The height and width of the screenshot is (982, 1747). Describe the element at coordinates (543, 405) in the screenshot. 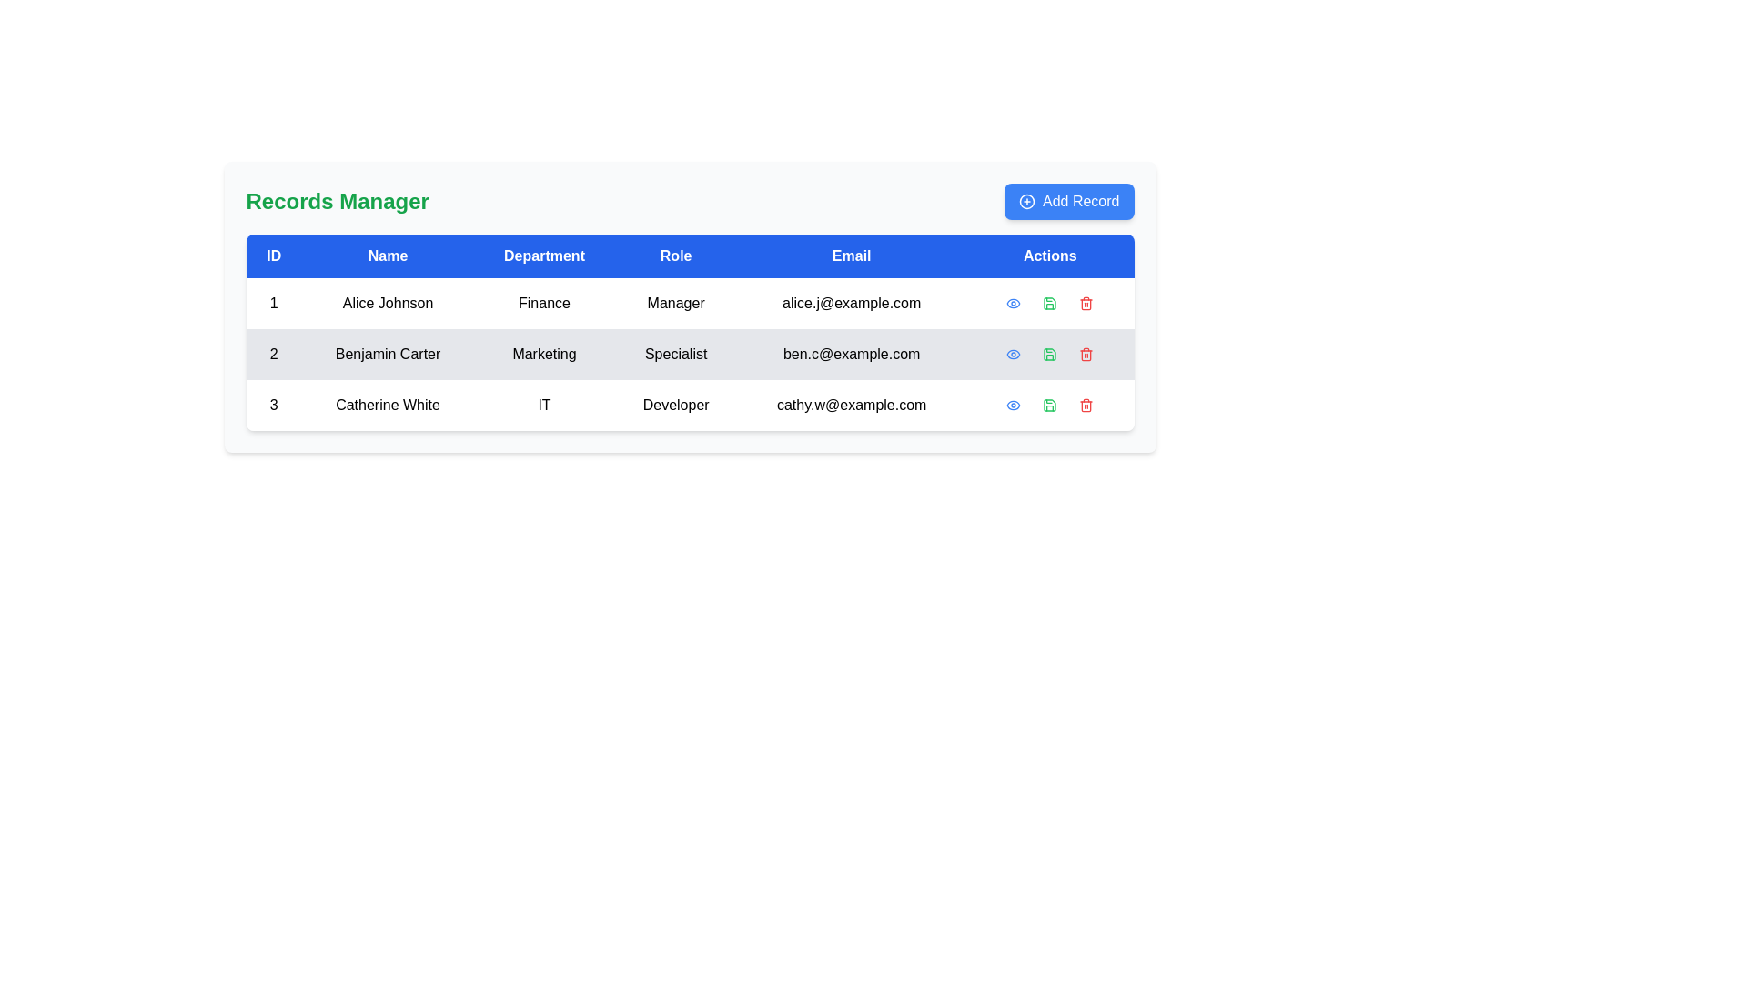

I see `the table cell containing the text 'IT', which is styled with 'px-4 py-3' and located in the third row and third column of the table, following 'Catherine White' and preceding 'Developer'` at that location.